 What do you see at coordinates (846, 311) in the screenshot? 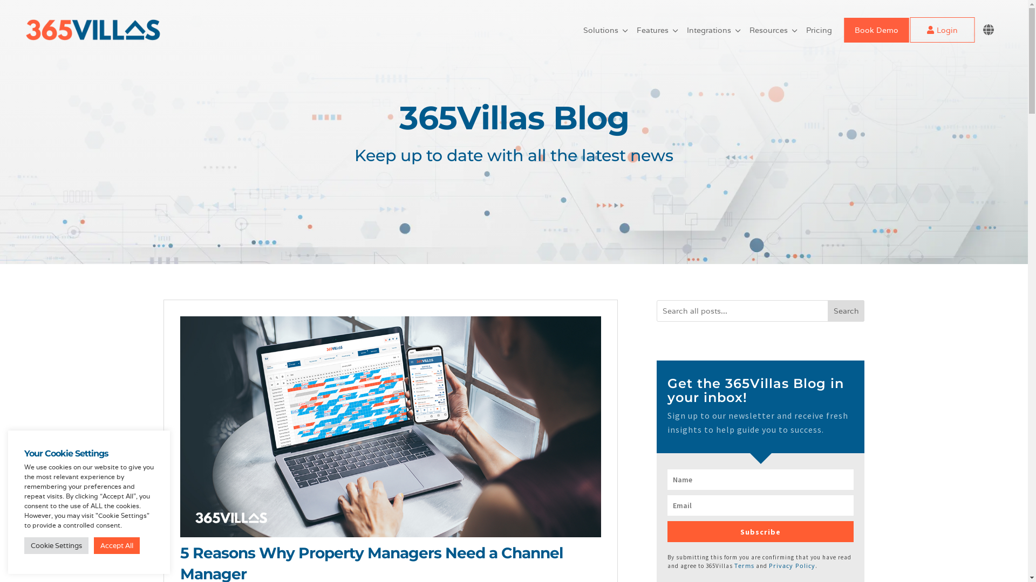
I see `'Search'` at bounding box center [846, 311].